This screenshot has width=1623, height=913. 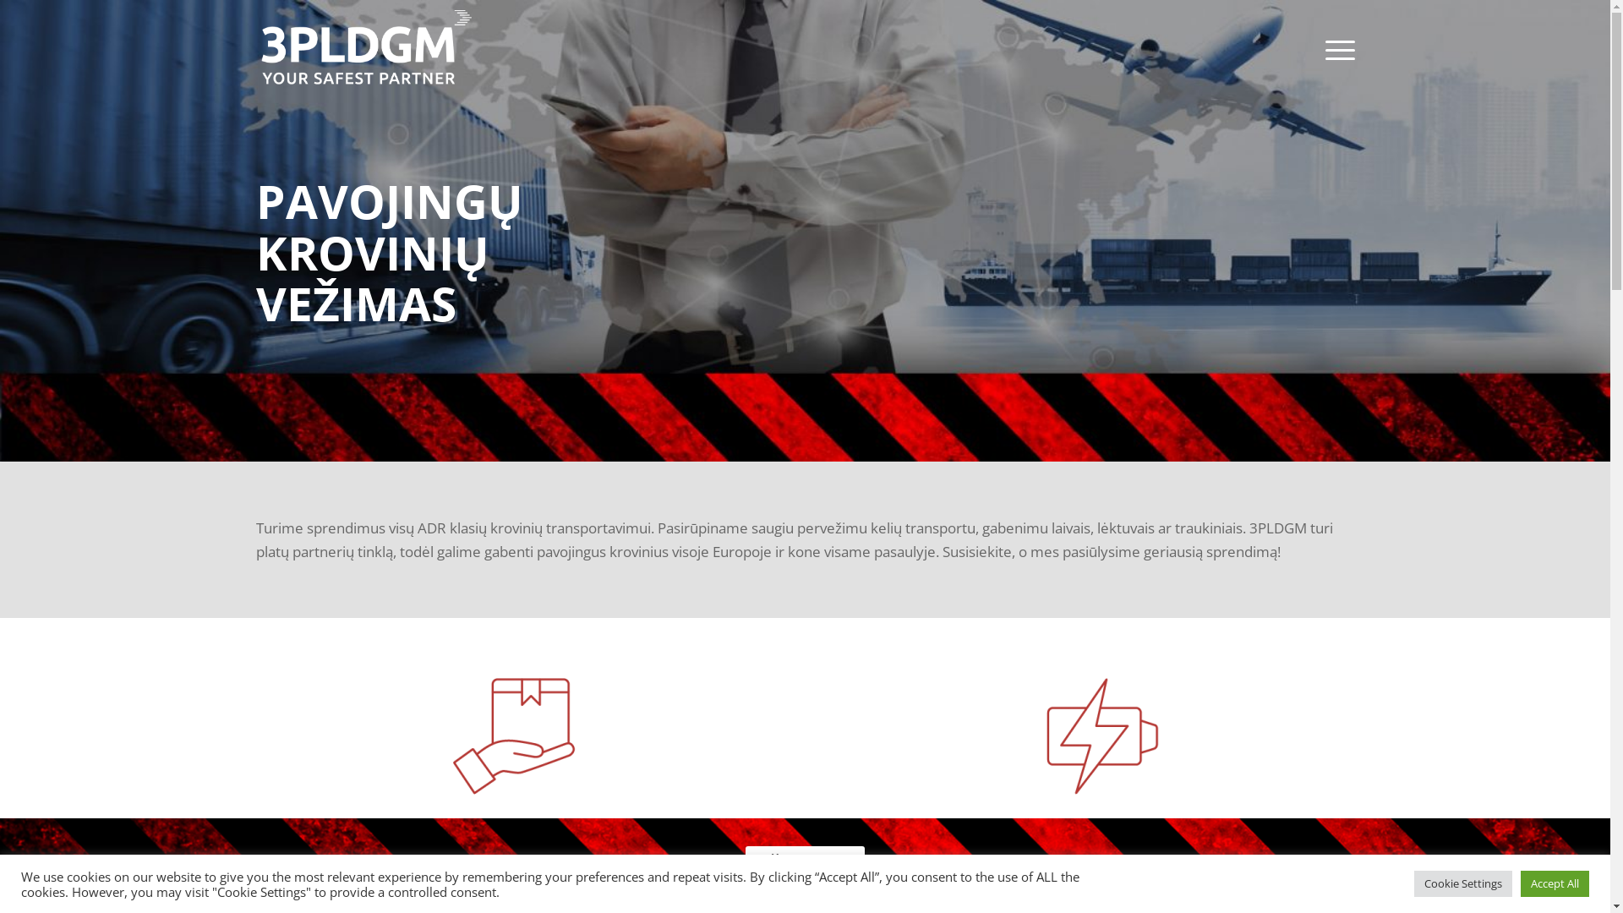 What do you see at coordinates (364, 48) in the screenshot?
I see `'Logo copy W'` at bounding box center [364, 48].